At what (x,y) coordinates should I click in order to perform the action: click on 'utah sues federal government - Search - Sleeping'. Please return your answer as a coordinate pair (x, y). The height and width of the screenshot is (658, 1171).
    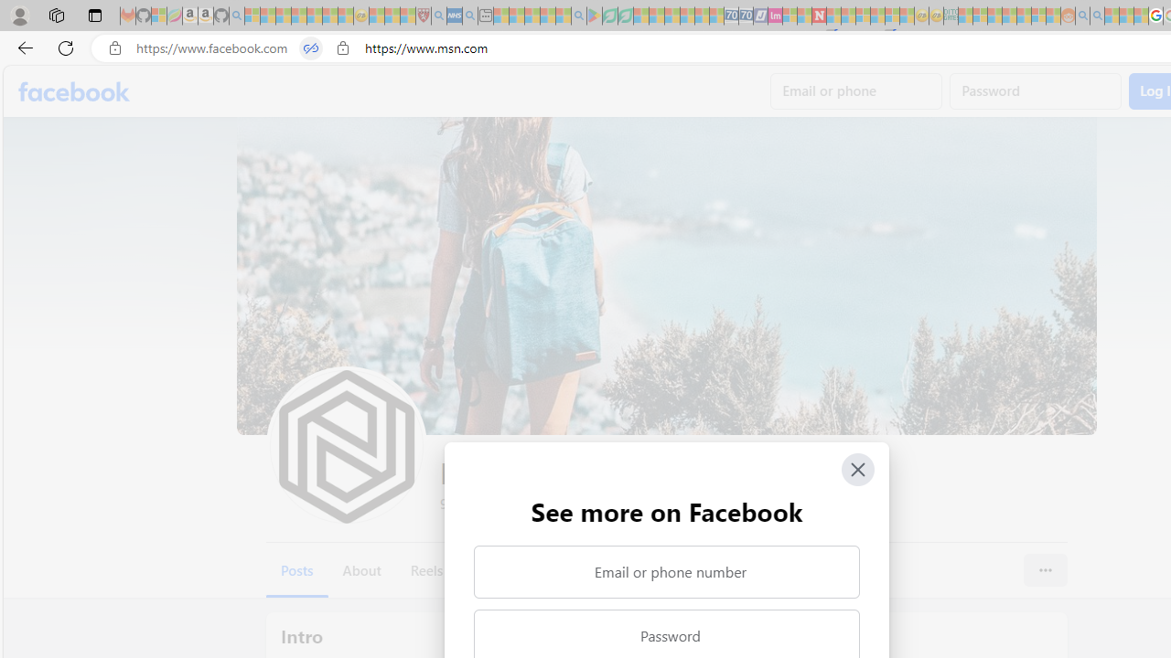
    Looking at the image, I should click on (469, 16).